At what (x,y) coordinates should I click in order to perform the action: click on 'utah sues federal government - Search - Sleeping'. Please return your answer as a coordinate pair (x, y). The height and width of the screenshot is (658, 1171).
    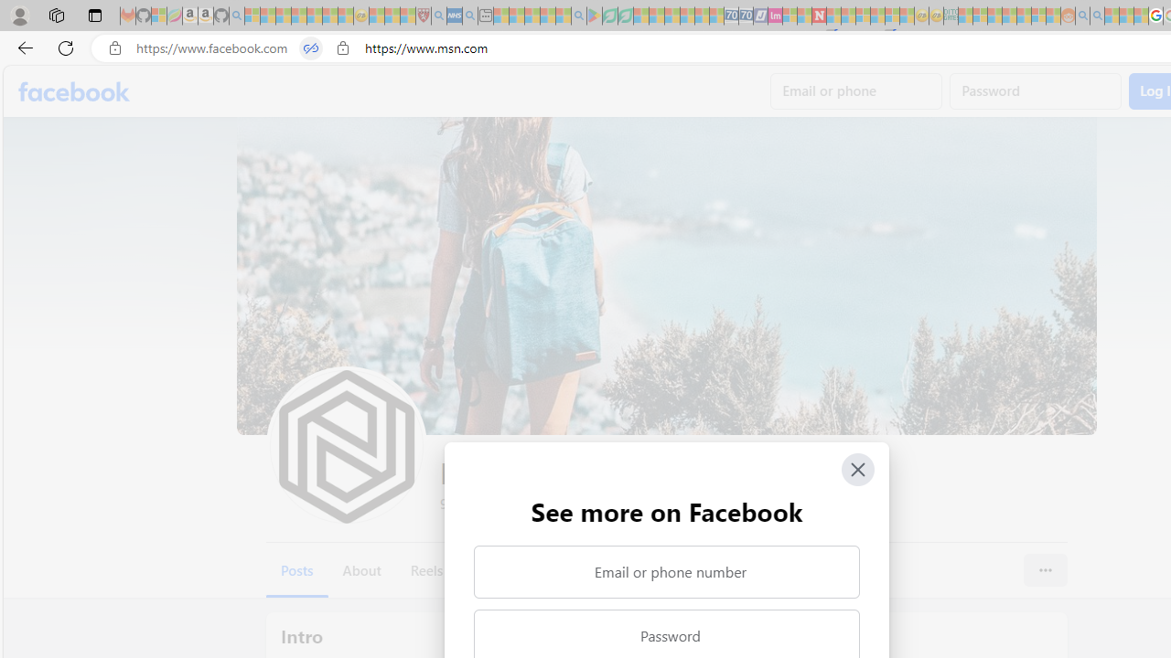
    Looking at the image, I should click on (469, 16).